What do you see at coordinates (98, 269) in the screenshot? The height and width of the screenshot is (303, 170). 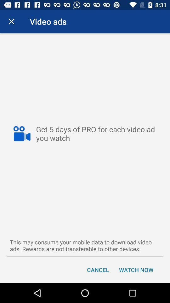 I see `item to the left of the watch now` at bounding box center [98, 269].